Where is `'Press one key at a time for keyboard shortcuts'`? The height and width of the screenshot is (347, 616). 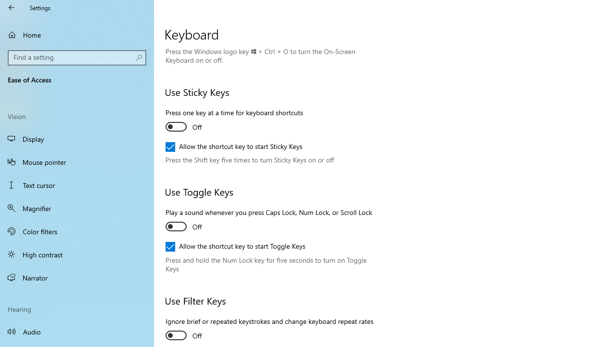
'Press one key at a time for keyboard shortcuts' is located at coordinates (234, 120).